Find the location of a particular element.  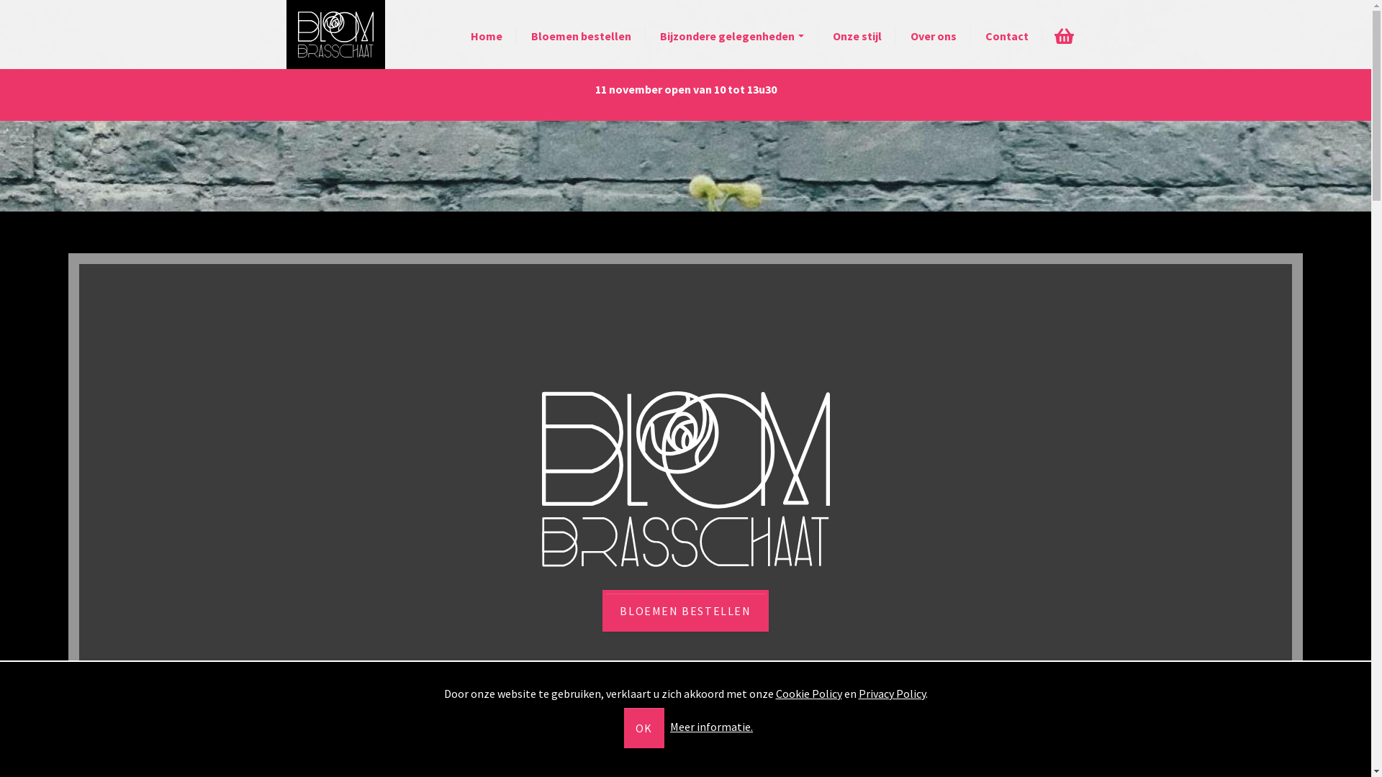

'Onze stijl' is located at coordinates (857, 35).